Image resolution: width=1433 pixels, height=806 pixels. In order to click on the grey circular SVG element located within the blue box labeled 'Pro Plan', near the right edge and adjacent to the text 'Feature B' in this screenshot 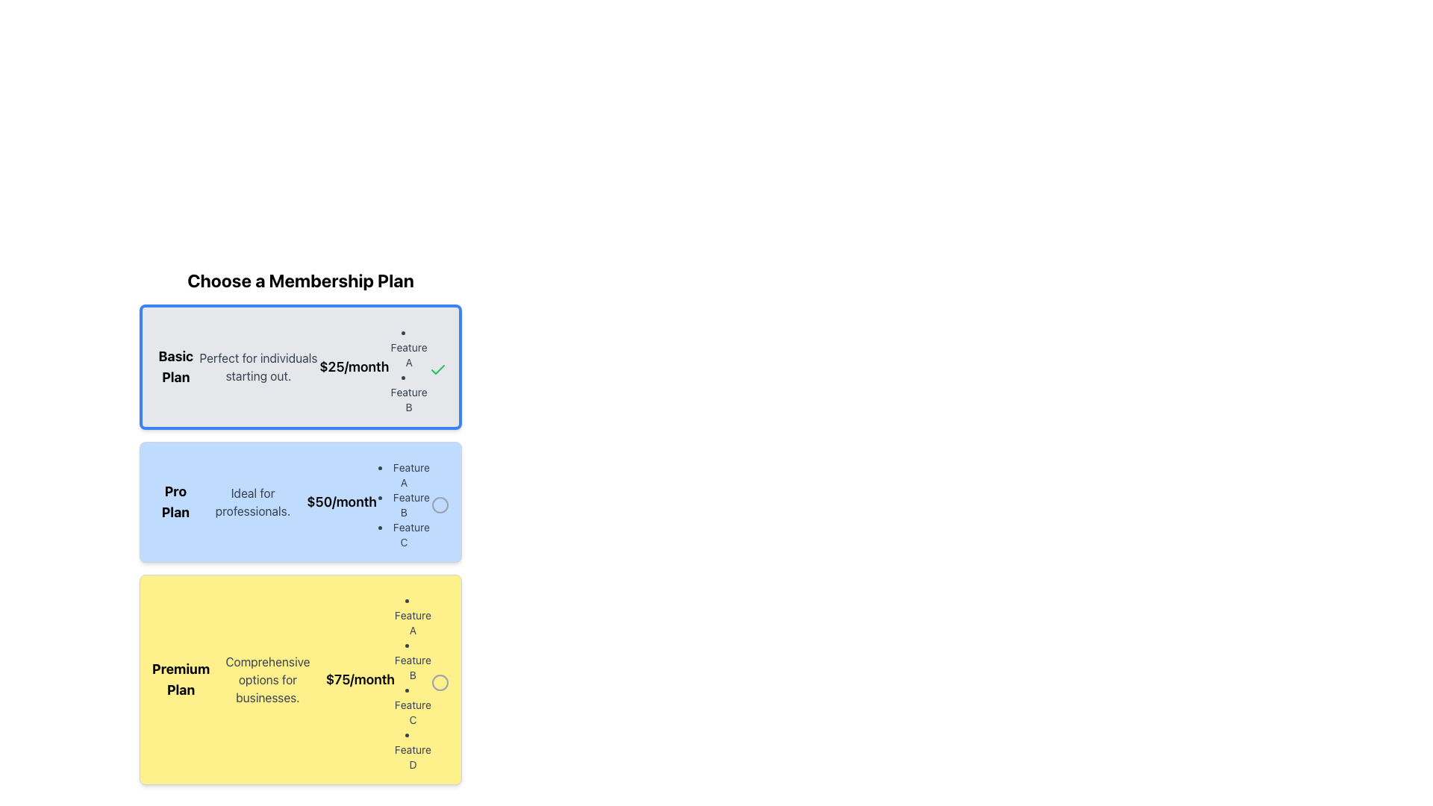, I will do `click(440, 504)`.